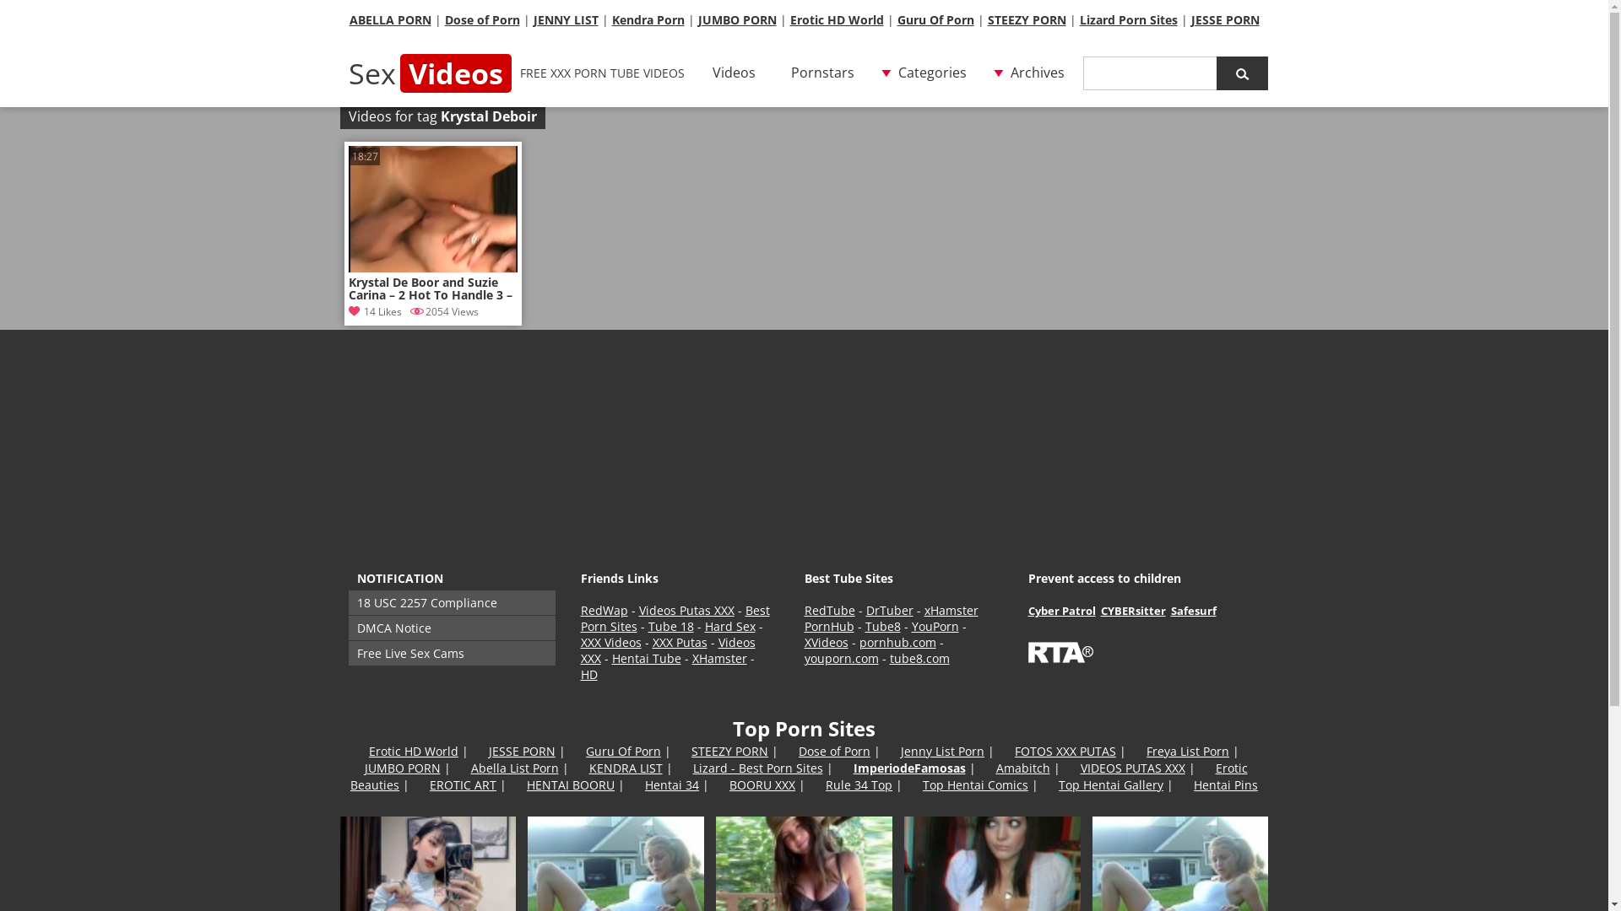 This screenshot has width=1621, height=911. I want to click on 'Cyber Patrol', so click(1060, 611).